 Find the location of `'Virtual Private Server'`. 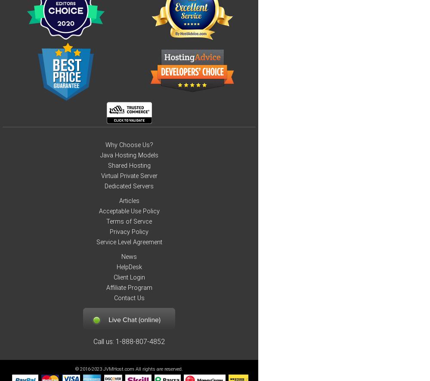

'Virtual Private Server' is located at coordinates (128, 175).